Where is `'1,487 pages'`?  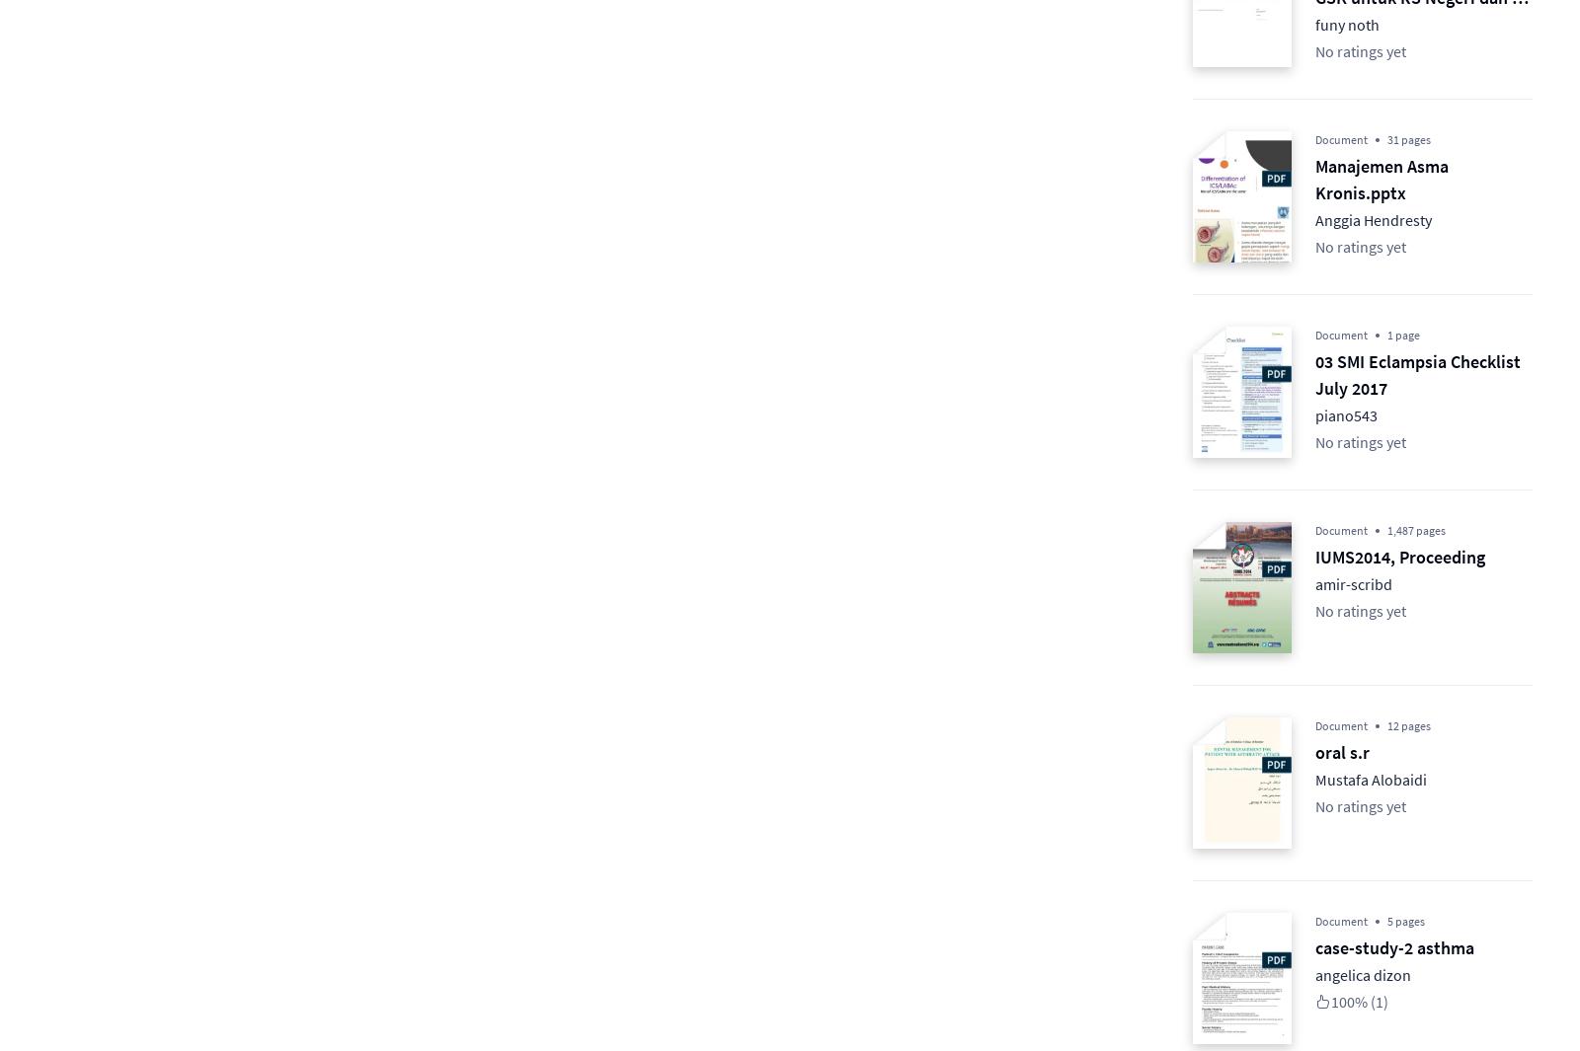 '1,487 pages' is located at coordinates (1386, 530).